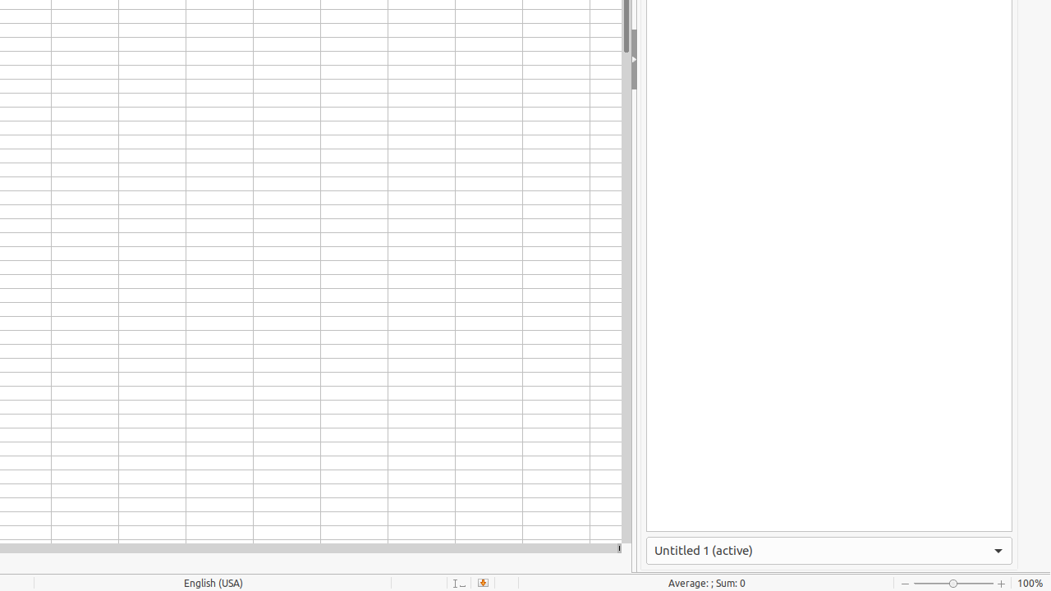  Describe the element at coordinates (829, 550) in the screenshot. I see `'Active Window'` at that location.